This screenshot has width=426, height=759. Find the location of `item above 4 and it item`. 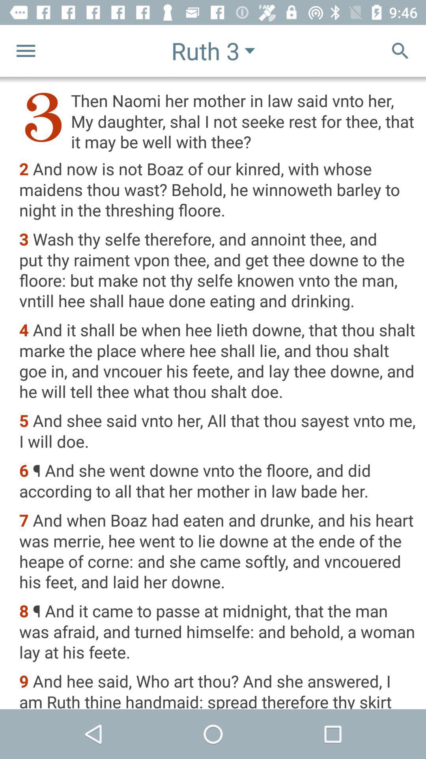

item above 4 and it item is located at coordinates (217, 271).